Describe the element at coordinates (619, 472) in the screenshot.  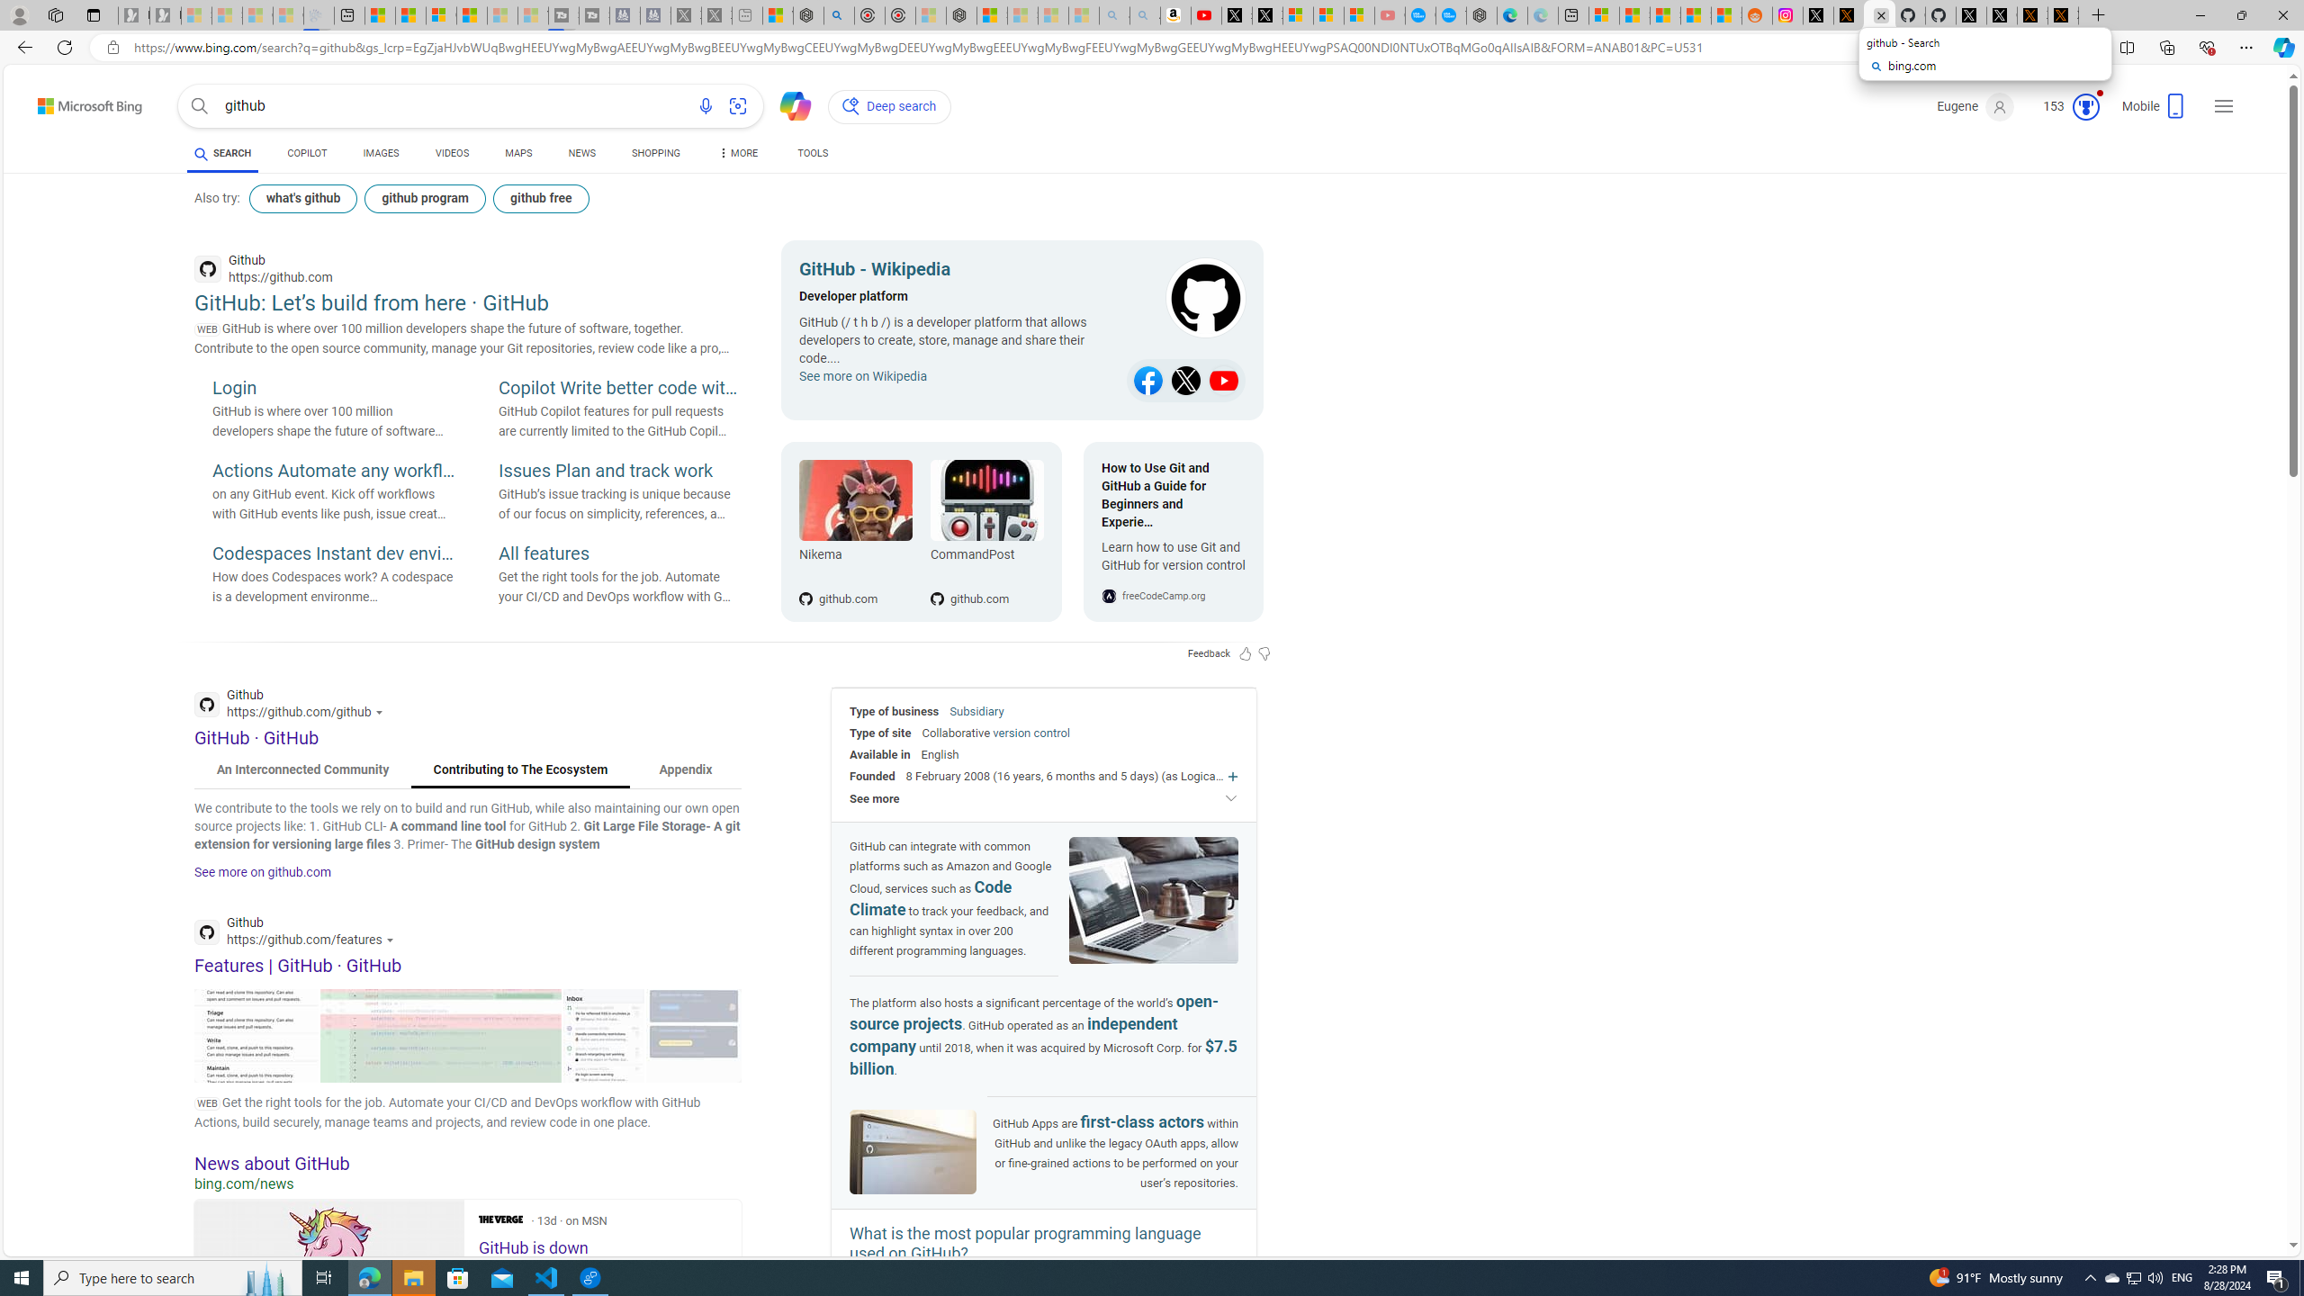
I see `'Issues Plan and track work'` at that location.